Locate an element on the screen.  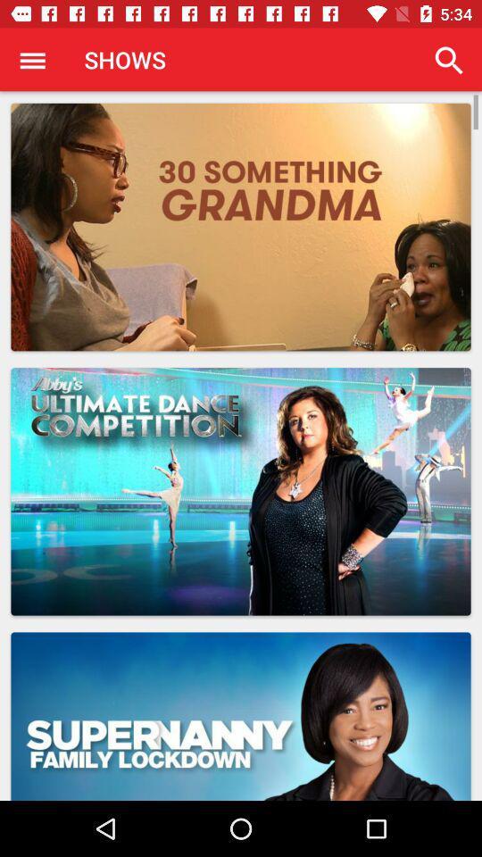
app to the right of shows item is located at coordinates (448, 60).